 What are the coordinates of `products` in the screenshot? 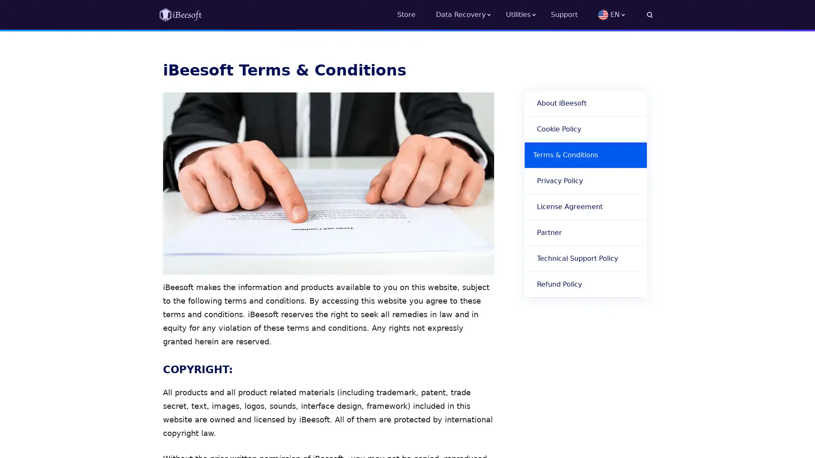 It's located at (528, 14).